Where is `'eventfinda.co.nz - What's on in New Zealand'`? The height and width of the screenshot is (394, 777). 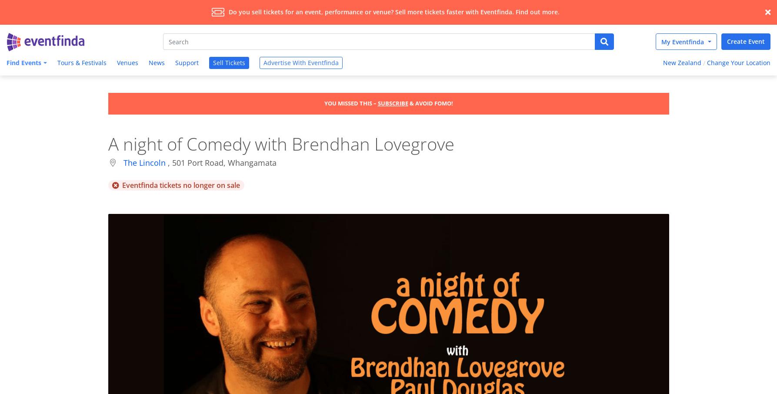
'eventfinda.co.nz - What's on in New Zealand' is located at coordinates (173, 35).